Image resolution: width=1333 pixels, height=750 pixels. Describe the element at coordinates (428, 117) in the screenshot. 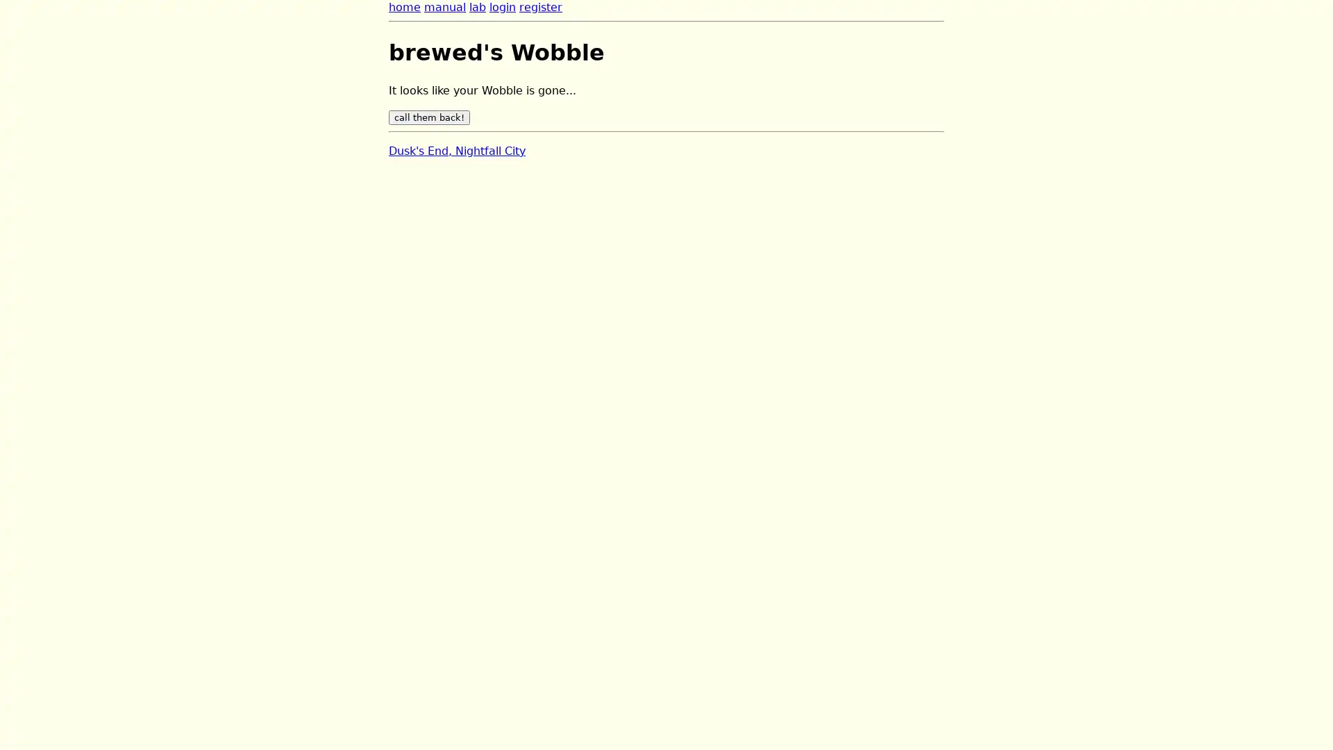

I see `call them back!` at that location.